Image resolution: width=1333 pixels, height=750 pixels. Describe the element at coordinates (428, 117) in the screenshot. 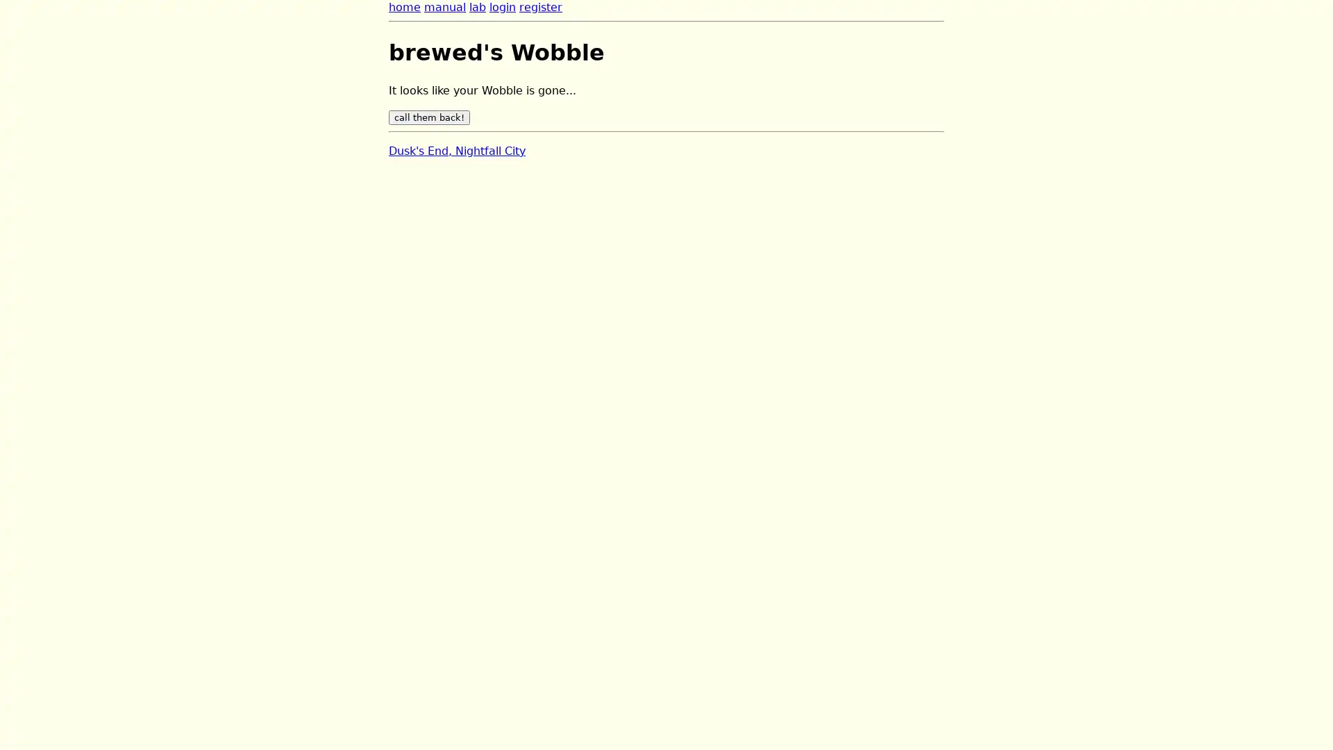

I see `call them back!` at that location.